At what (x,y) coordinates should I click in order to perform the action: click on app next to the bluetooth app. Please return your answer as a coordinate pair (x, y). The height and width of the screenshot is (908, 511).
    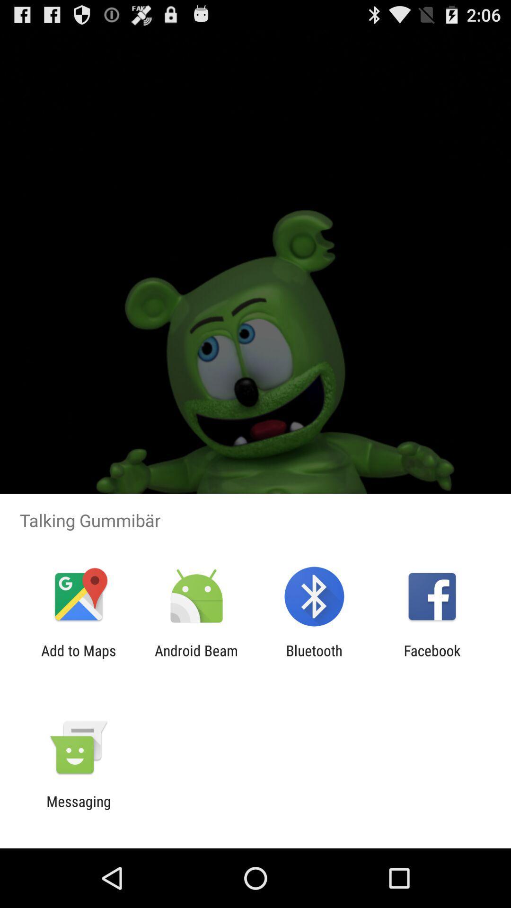
    Looking at the image, I should click on (196, 658).